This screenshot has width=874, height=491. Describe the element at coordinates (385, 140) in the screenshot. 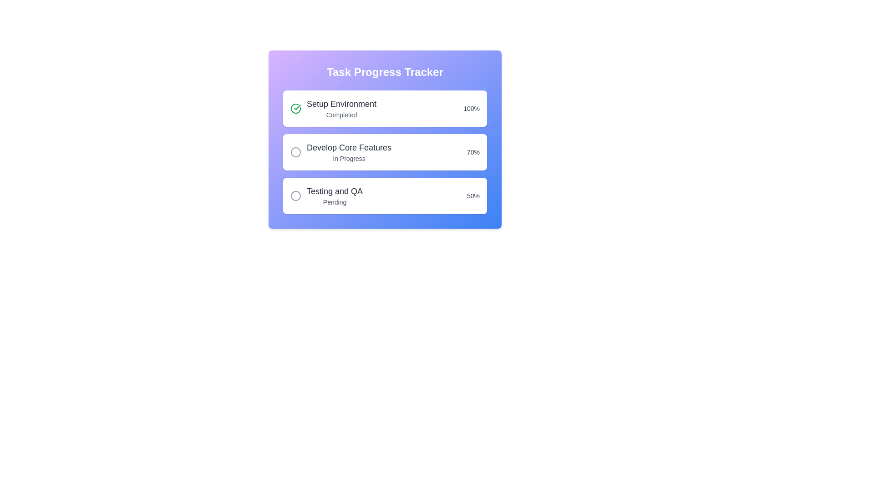

I see `the second Informational Card titled 'Develop Core Features' with status 'In Progress'` at that location.